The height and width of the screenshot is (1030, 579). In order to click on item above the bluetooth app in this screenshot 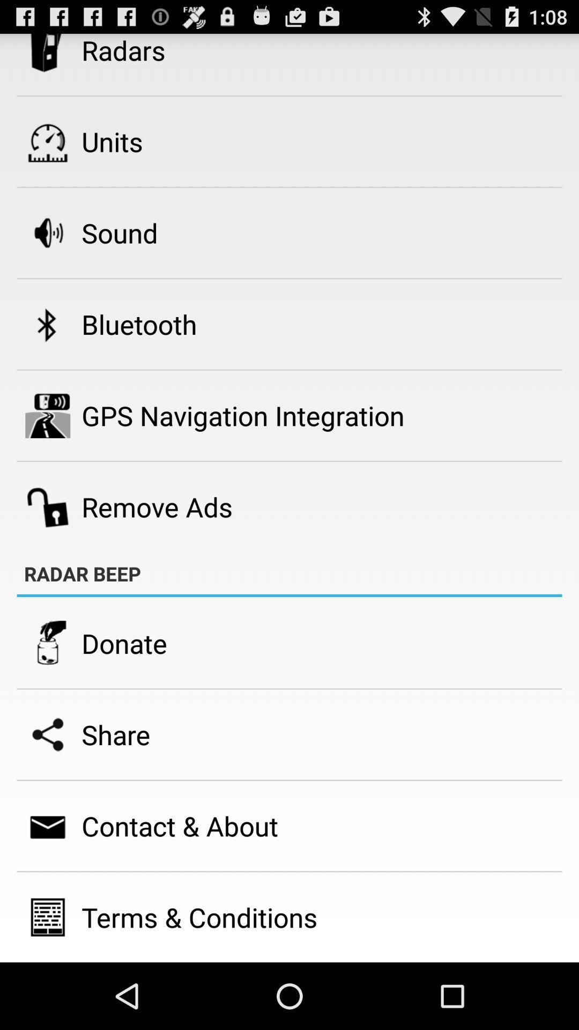, I will do `click(120, 232)`.